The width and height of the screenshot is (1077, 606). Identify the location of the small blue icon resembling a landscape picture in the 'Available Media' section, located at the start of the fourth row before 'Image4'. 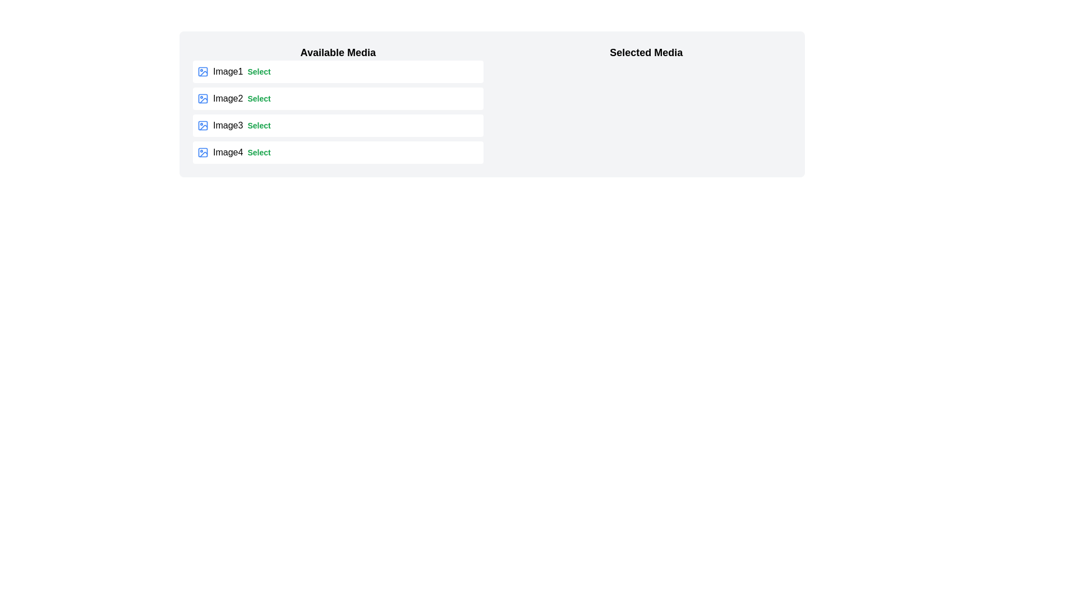
(202, 153).